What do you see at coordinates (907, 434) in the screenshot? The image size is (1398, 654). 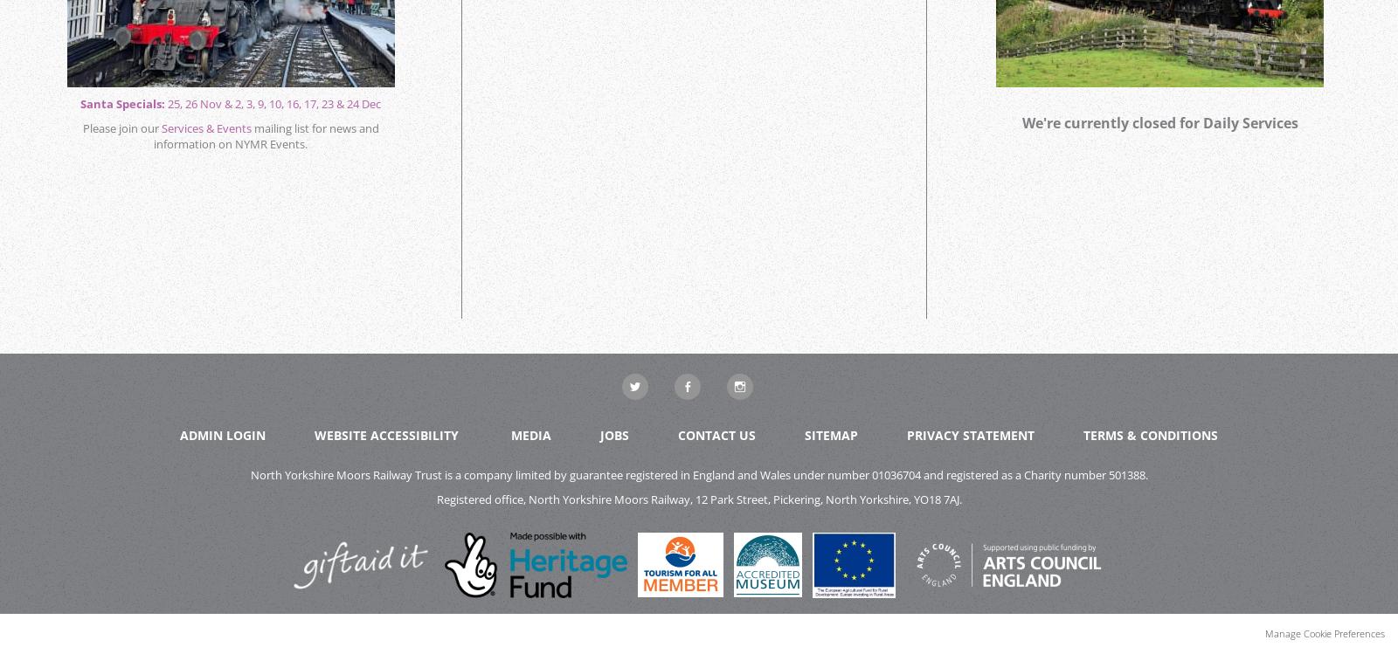 I see `'Privacy Statement'` at bounding box center [907, 434].